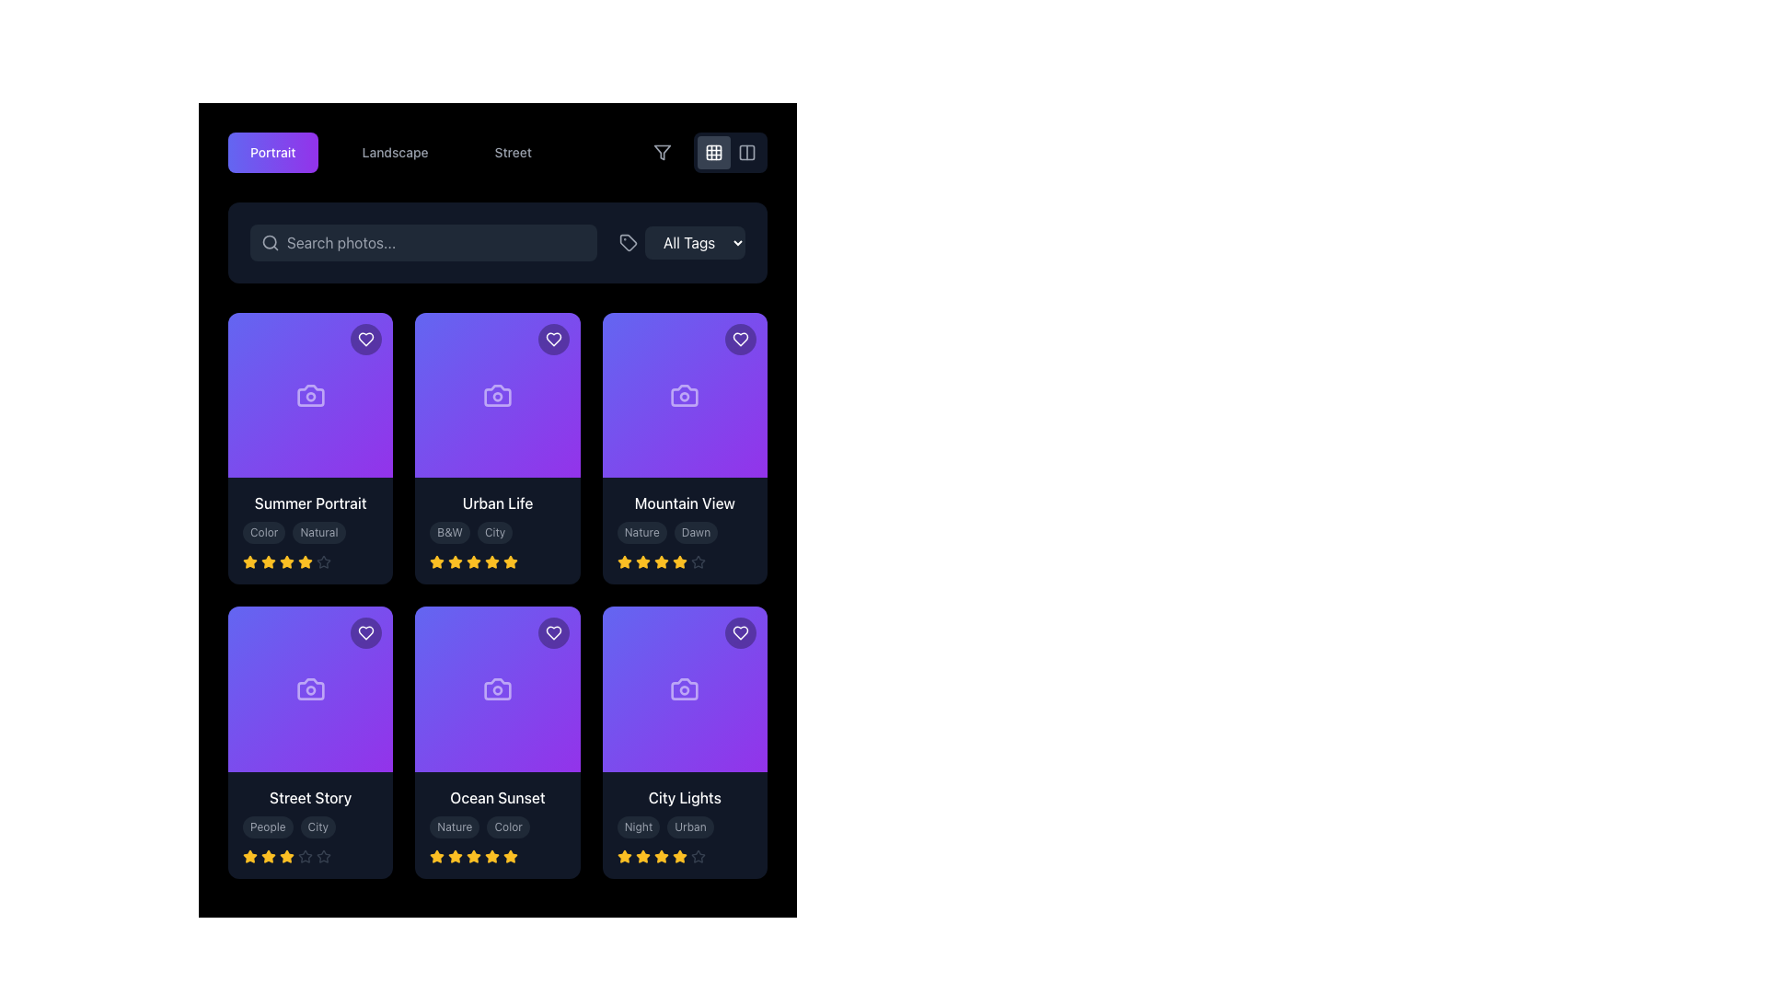 Image resolution: width=1767 pixels, height=994 pixels. What do you see at coordinates (552, 340) in the screenshot?
I see `the circular heart button with a semi-transparent black background located at the top-right corner of the 'Urban Life' card` at bounding box center [552, 340].